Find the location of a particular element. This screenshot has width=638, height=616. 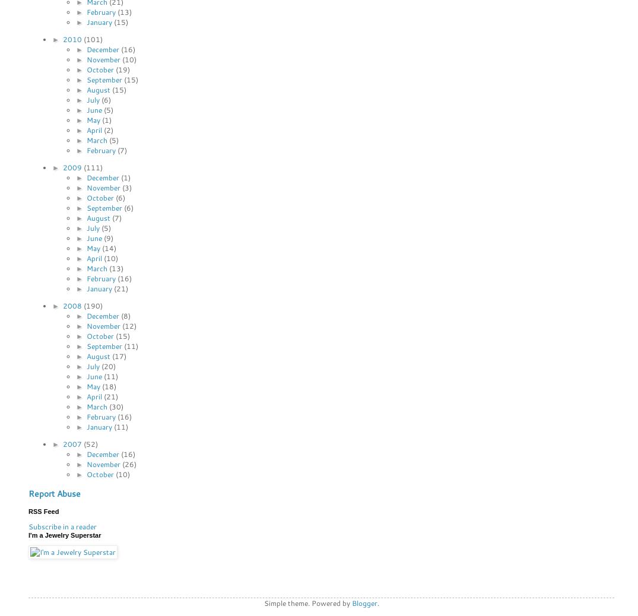

'(190)' is located at coordinates (92, 305).